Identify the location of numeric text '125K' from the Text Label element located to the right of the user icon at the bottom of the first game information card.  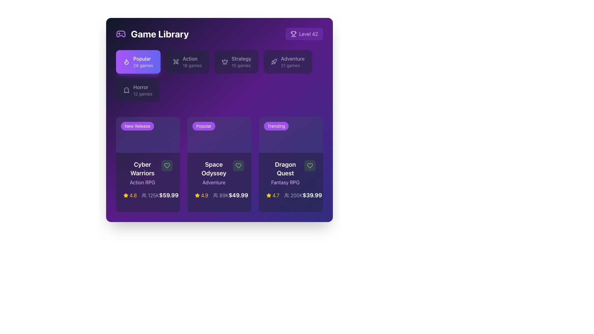
(153, 195).